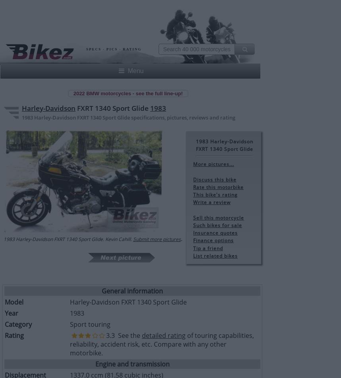 This screenshot has width=341, height=378. I want to click on 'SPECS · PICS · RATING', so click(114, 49).